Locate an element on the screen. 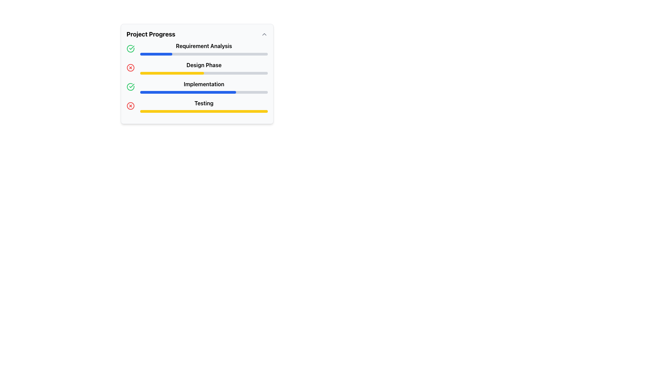 The height and width of the screenshot is (368, 655). the completion status of the Progress Indicator in the Implementation section, which shows approximately 75% completion in blue is located at coordinates (188, 92).